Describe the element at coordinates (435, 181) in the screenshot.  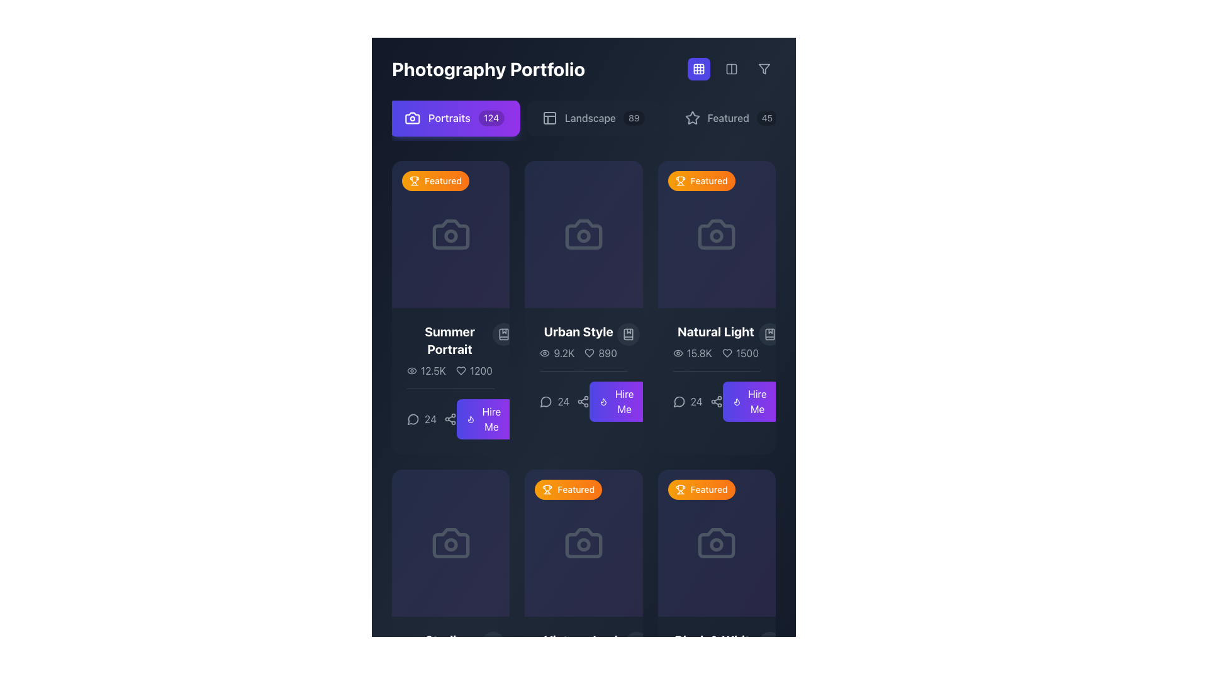
I see `the 'Featured' badge located in the top-left corner of the first portfolio item to interact with the associated item` at that location.